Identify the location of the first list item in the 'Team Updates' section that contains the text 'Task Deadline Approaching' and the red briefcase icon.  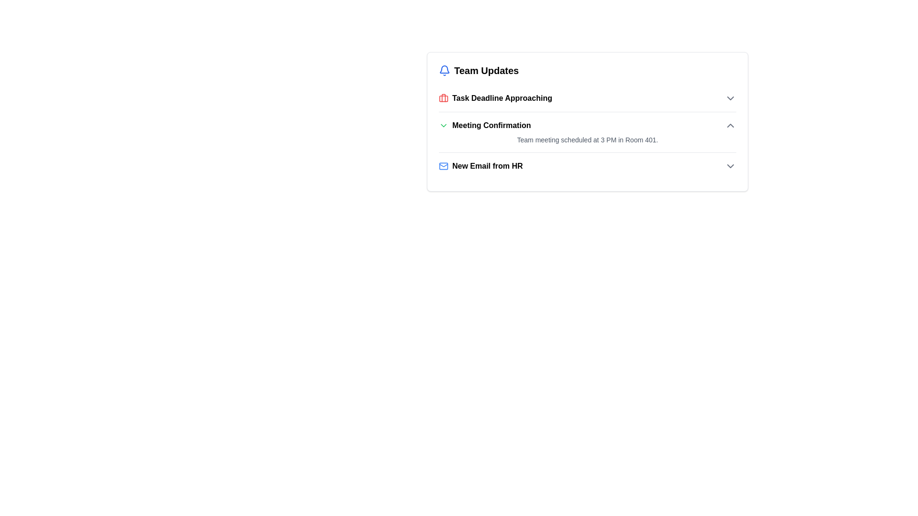
(587, 98).